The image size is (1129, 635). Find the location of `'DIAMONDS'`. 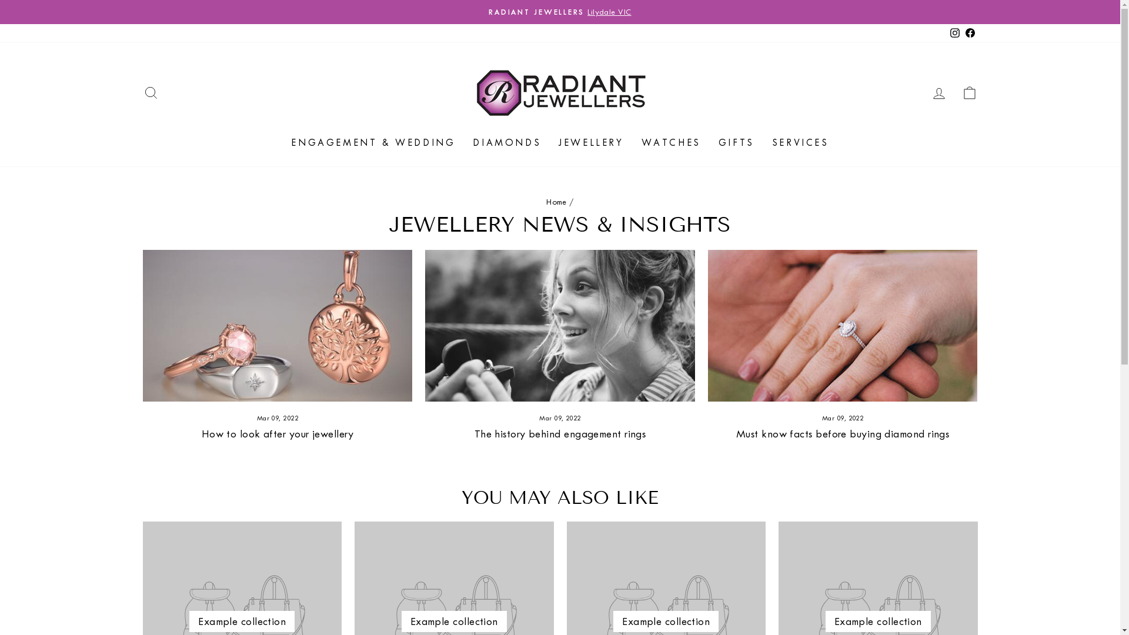

'DIAMONDS' is located at coordinates (507, 142).